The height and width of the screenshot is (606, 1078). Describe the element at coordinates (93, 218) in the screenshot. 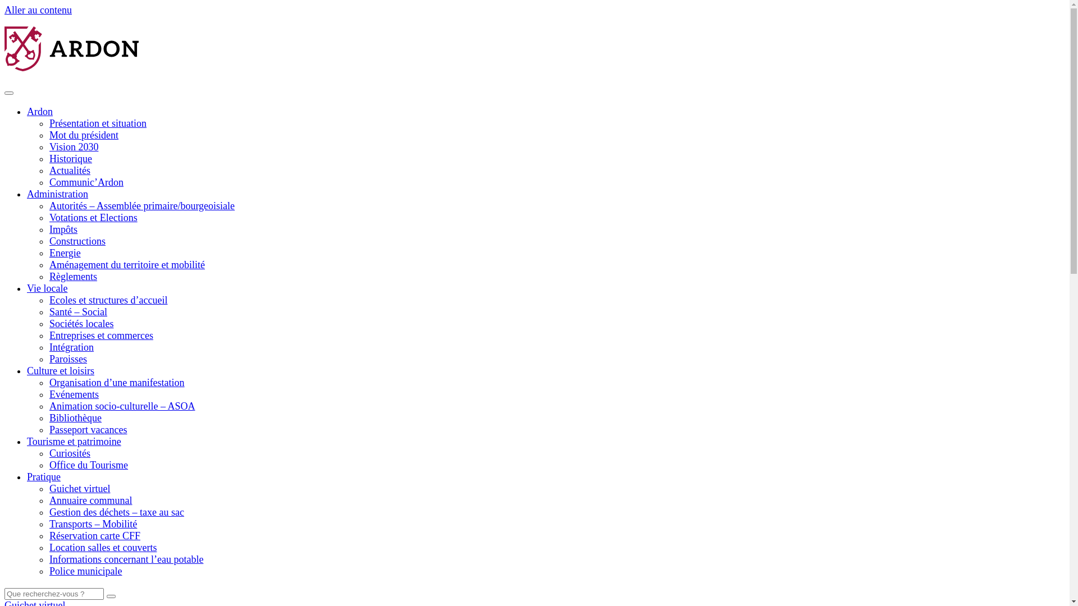

I see `'Votations et Elections'` at that location.